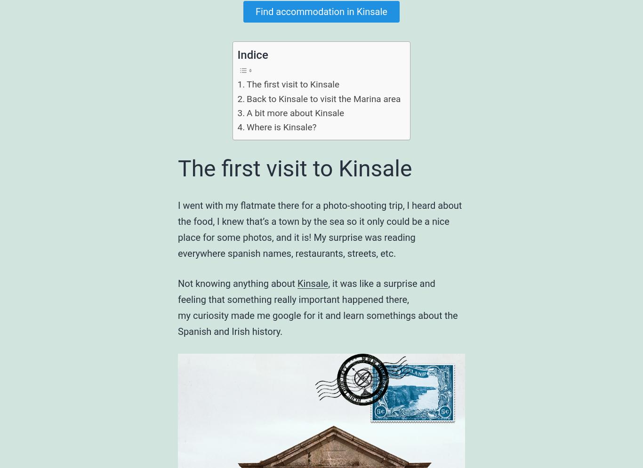 This screenshot has width=643, height=468. I want to click on 'Find accommodation in Kinsale', so click(255, 11).